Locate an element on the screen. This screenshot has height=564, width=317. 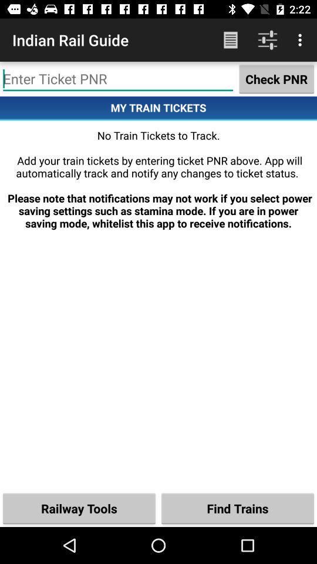
find trains is located at coordinates (238, 508).